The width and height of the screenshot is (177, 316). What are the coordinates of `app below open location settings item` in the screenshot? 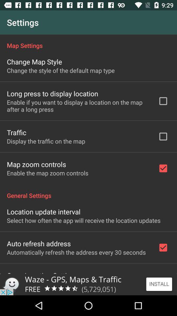 It's located at (88, 284).